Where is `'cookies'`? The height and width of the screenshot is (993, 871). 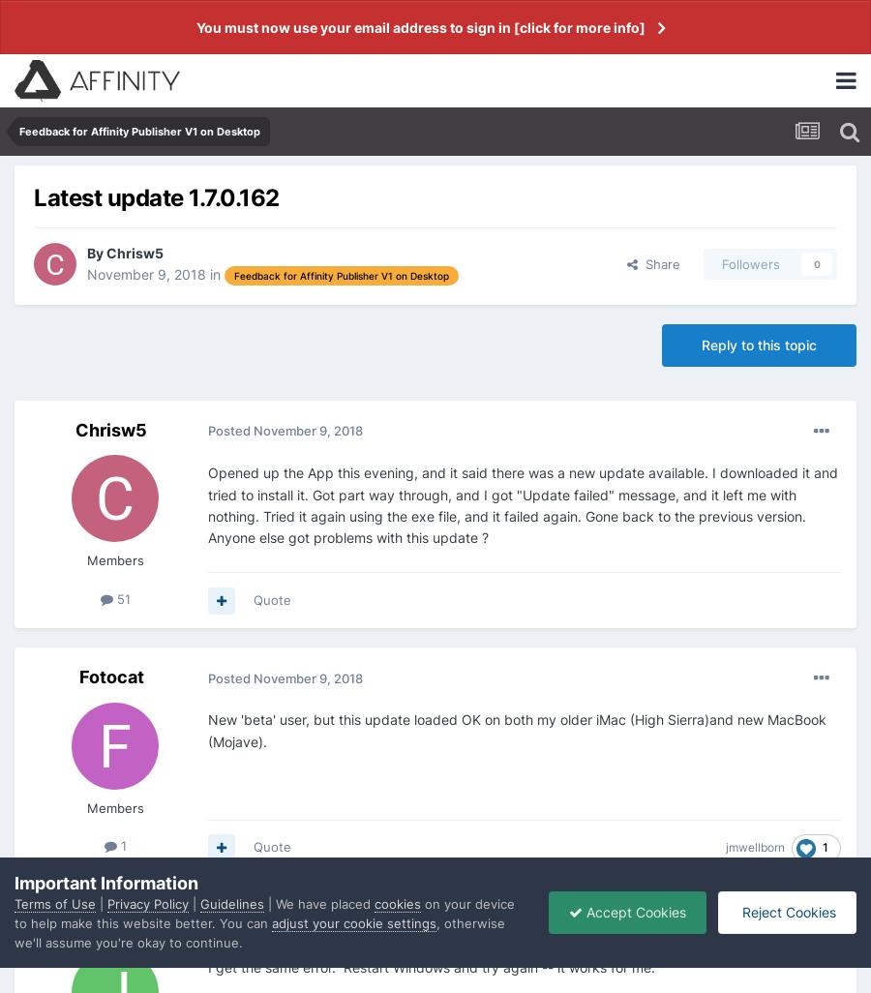
'cookies' is located at coordinates (398, 903).